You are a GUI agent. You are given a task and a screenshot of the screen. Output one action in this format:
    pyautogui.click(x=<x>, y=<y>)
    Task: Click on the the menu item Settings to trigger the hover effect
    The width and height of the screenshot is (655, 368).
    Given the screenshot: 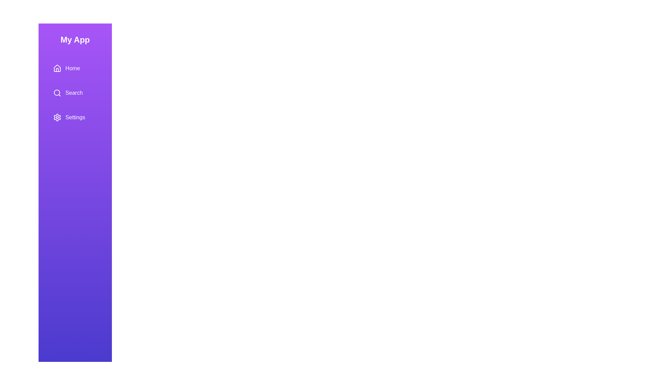 What is the action you would take?
    pyautogui.click(x=75, y=117)
    